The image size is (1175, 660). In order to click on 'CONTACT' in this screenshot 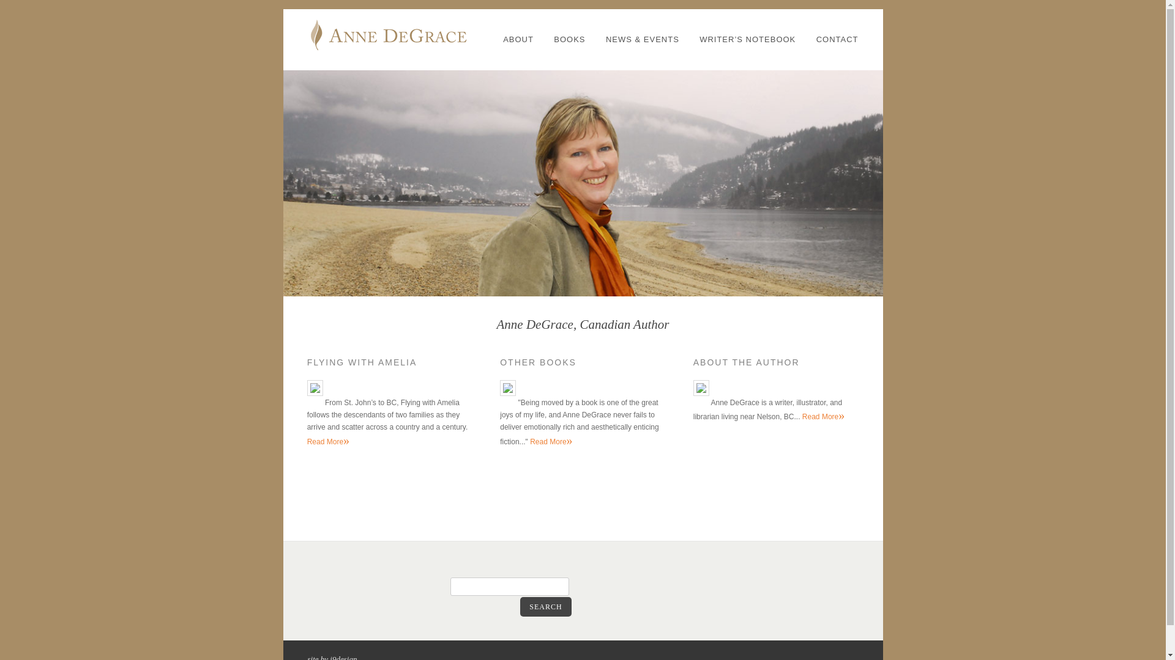, I will do `click(807, 38)`.